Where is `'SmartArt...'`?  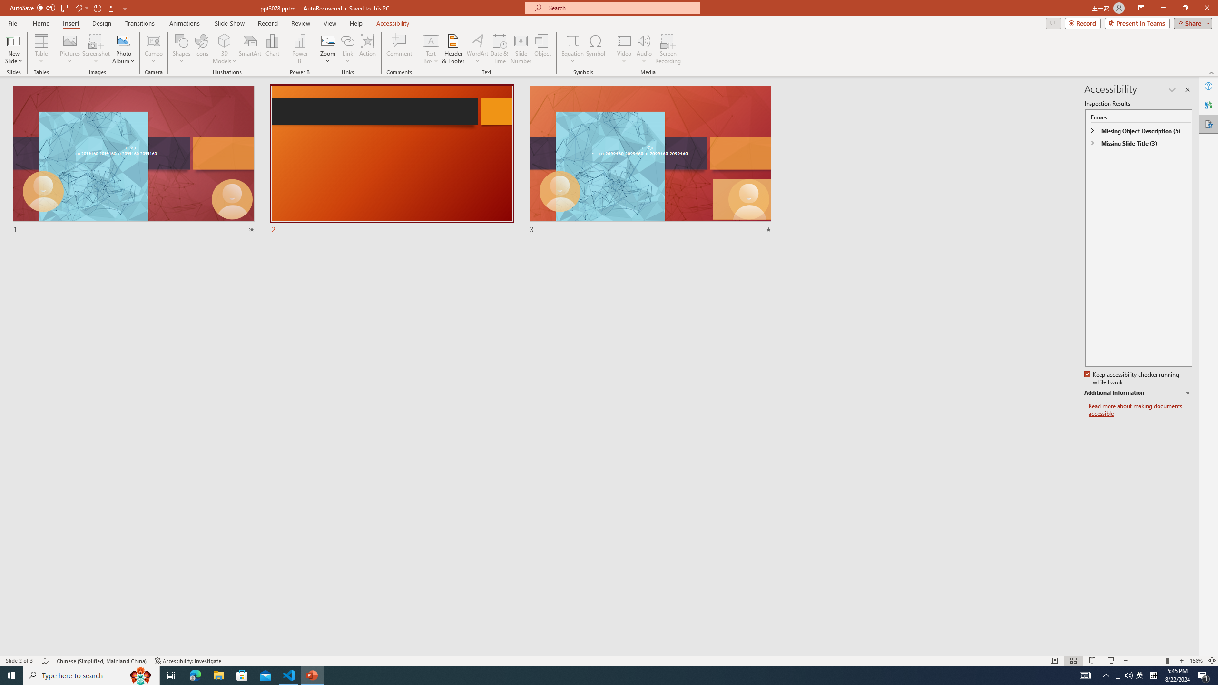 'SmartArt...' is located at coordinates (250, 49).